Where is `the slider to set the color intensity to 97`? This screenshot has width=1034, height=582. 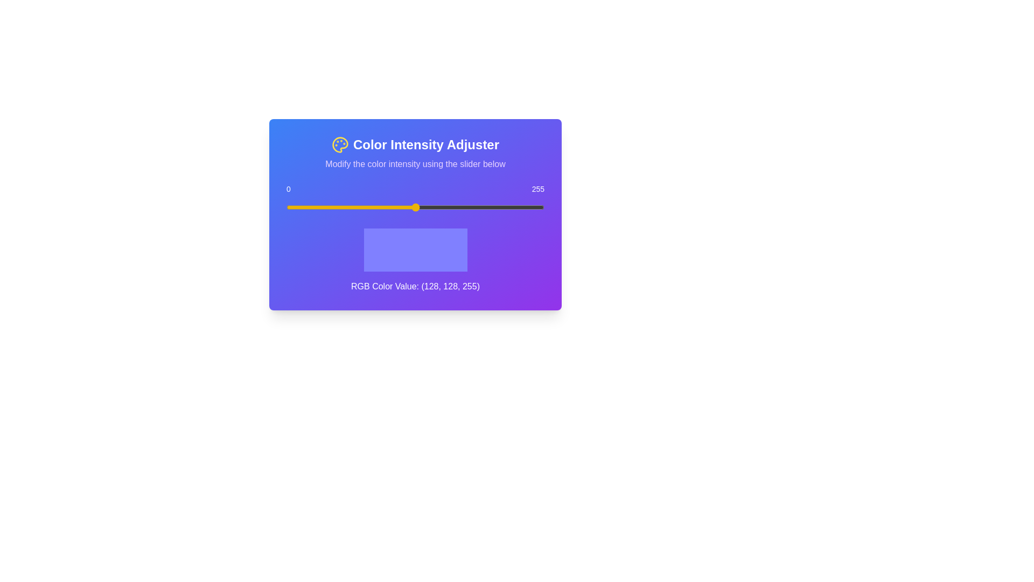 the slider to set the color intensity to 97 is located at coordinates (385, 207).